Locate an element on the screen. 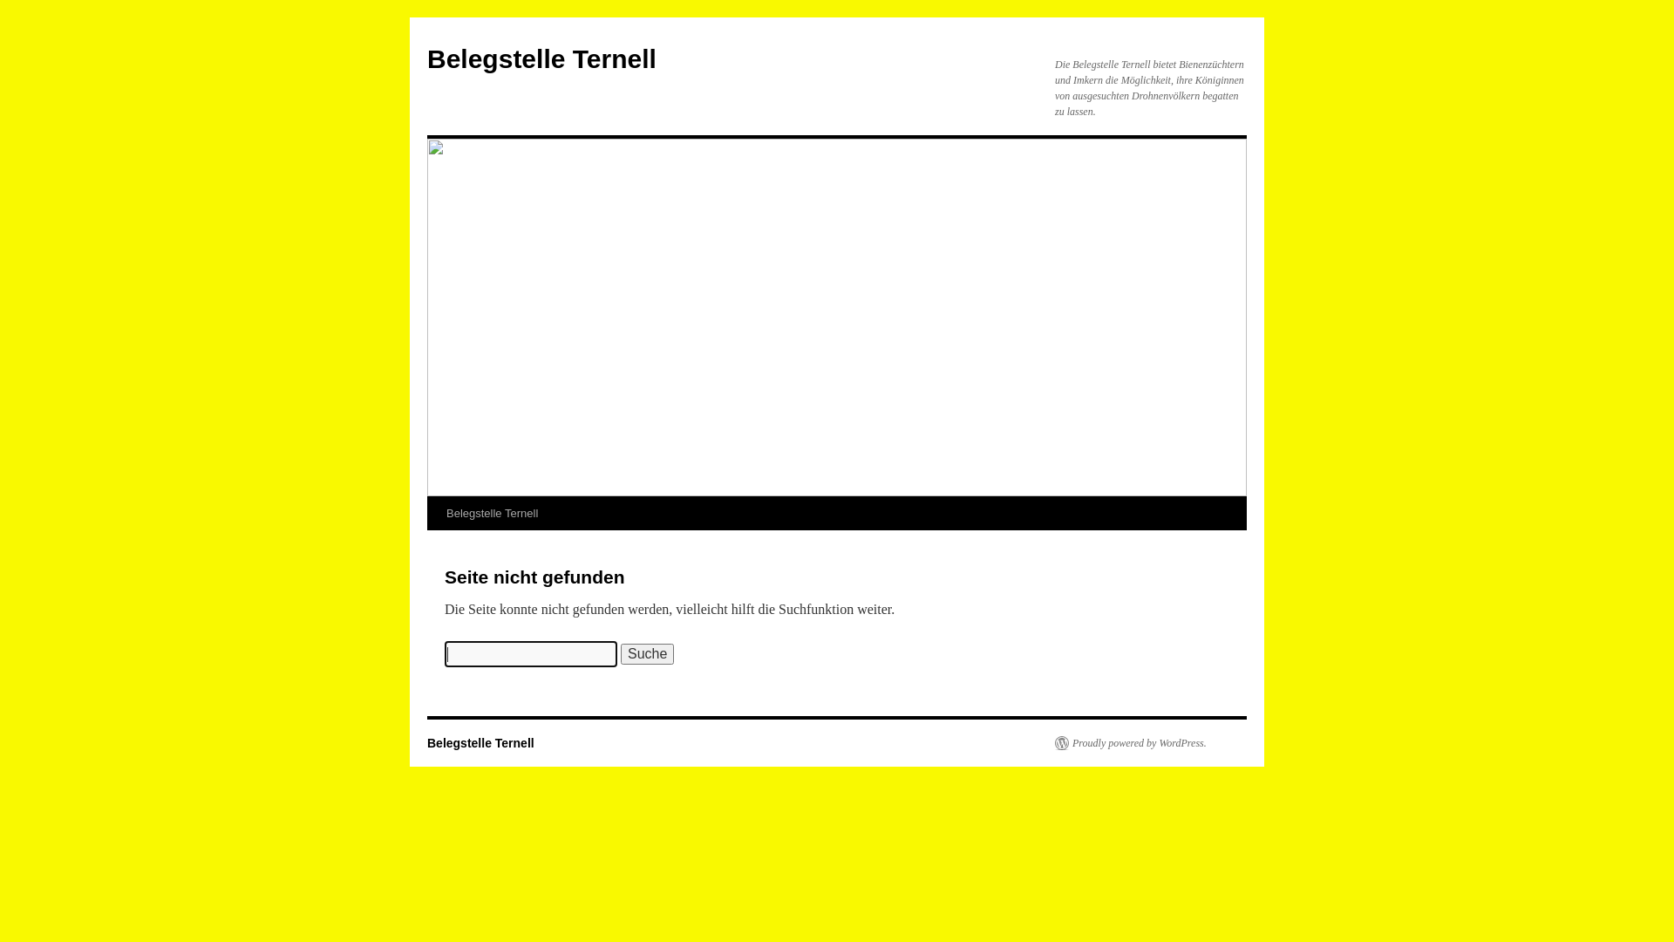 Image resolution: width=1674 pixels, height=942 pixels. 'Zum Inhalt springen' is located at coordinates (435, 544).